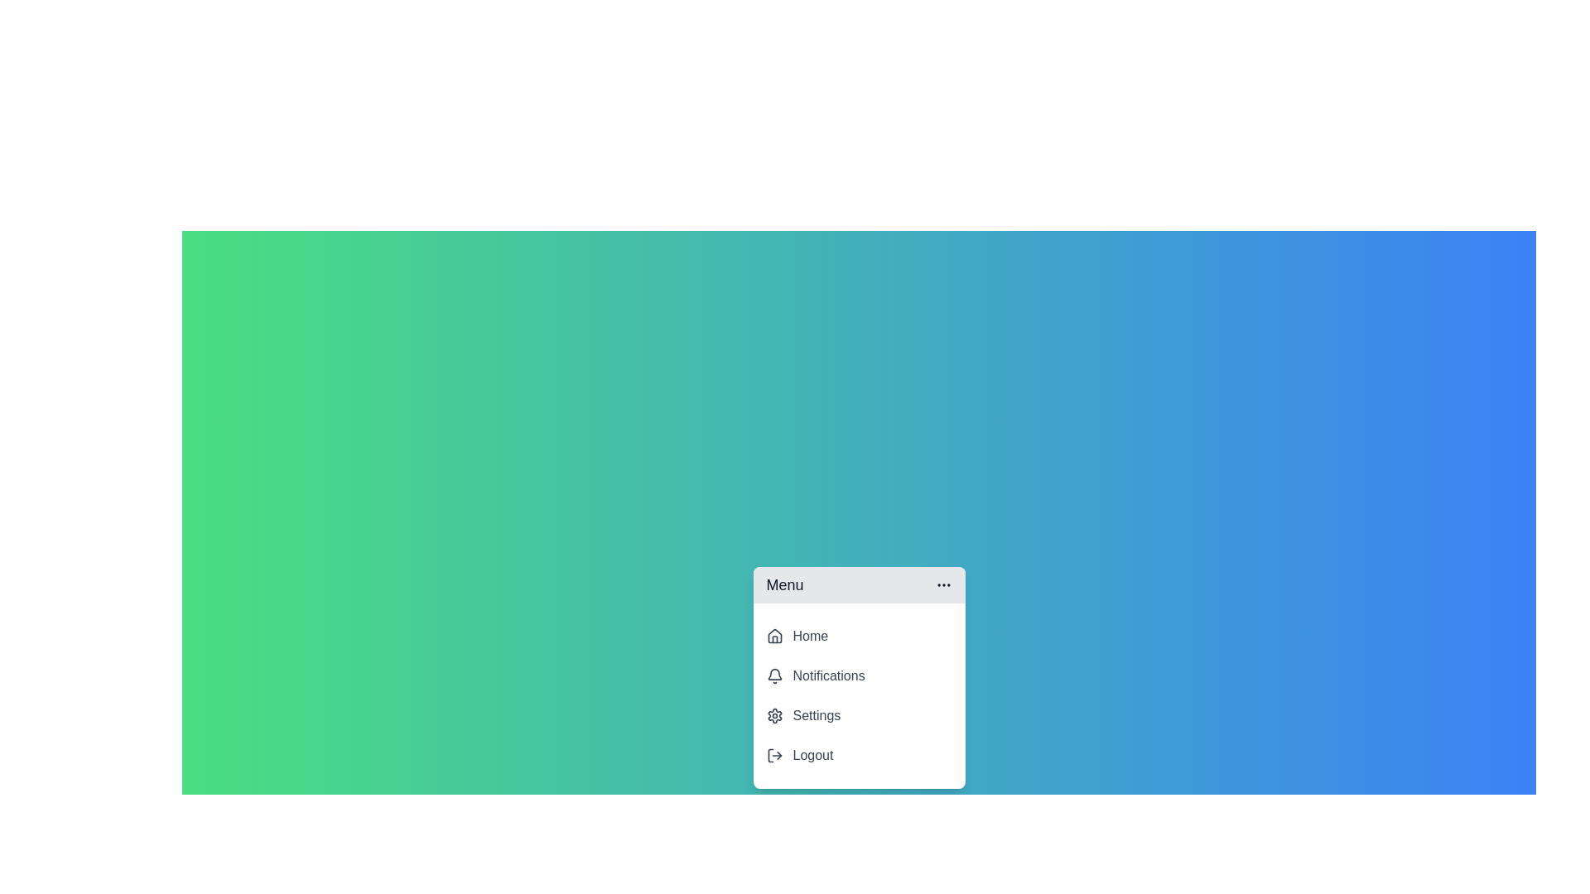 This screenshot has height=894, width=1590. What do you see at coordinates (859, 714) in the screenshot?
I see `the 'Settings' menu item to select it` at bounding box center [859, 714].